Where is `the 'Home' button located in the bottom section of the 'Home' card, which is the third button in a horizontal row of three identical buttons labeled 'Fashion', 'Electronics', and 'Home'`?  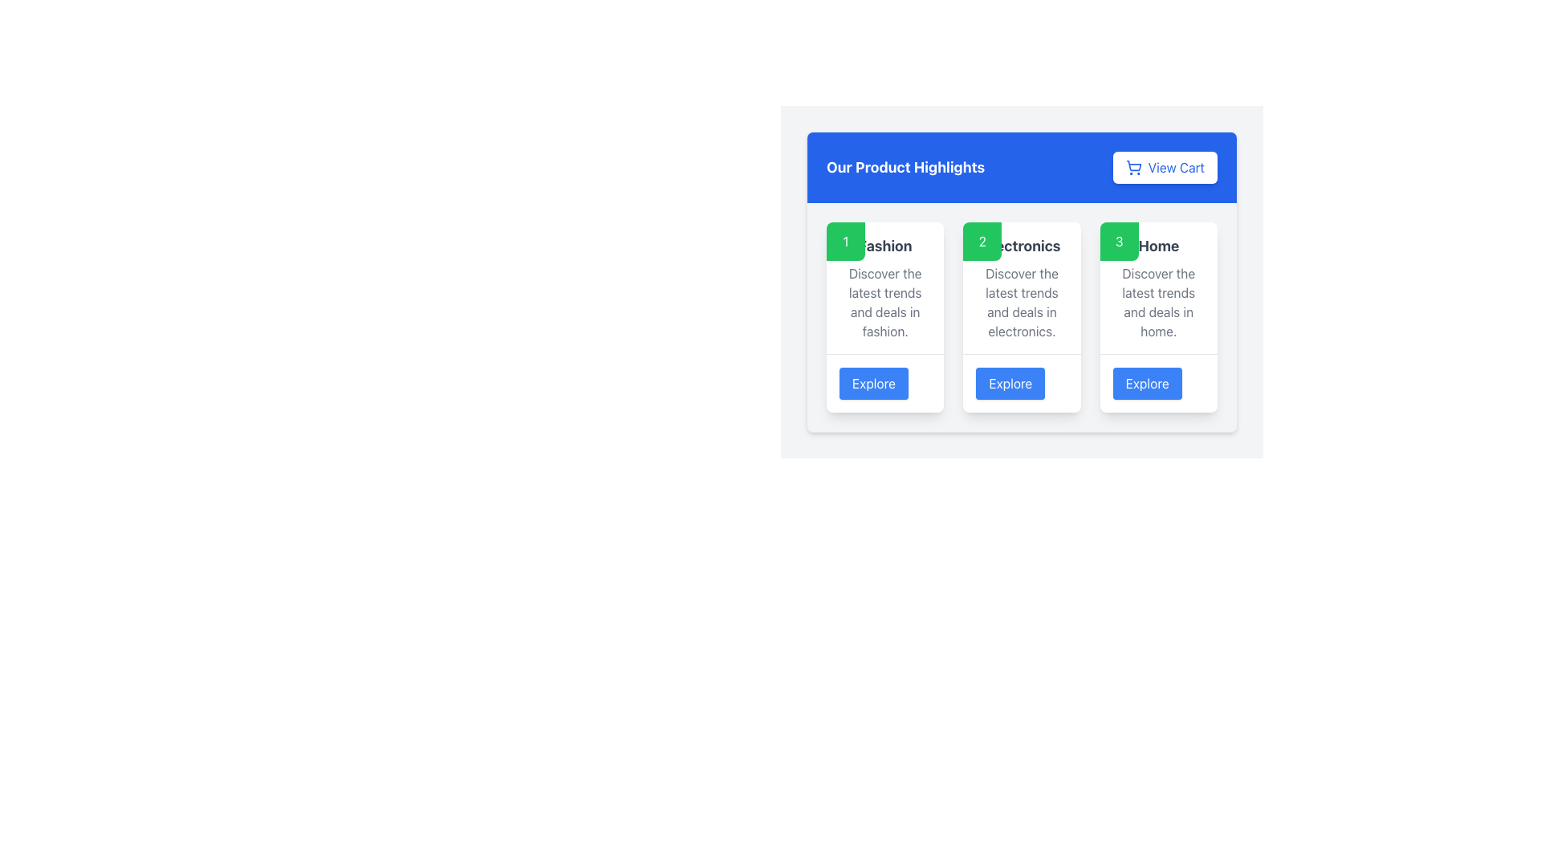
the 'Home' button located in the bottom section of the 'Home' card, which is the third button in a horizontal row of three identical buttons labeled 'Fashion', 'Electronics', and 'Home' is located at coordinates (1158, 383).